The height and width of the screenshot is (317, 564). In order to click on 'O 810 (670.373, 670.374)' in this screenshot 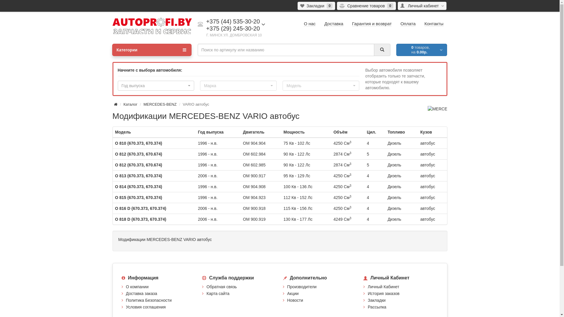, I will do `click(138, 143)`.